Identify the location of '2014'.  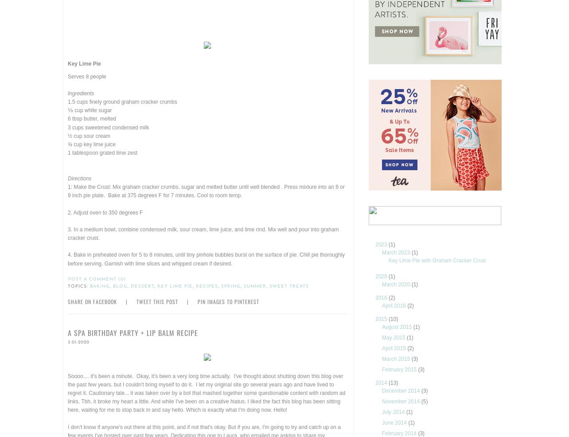
(381, 382).